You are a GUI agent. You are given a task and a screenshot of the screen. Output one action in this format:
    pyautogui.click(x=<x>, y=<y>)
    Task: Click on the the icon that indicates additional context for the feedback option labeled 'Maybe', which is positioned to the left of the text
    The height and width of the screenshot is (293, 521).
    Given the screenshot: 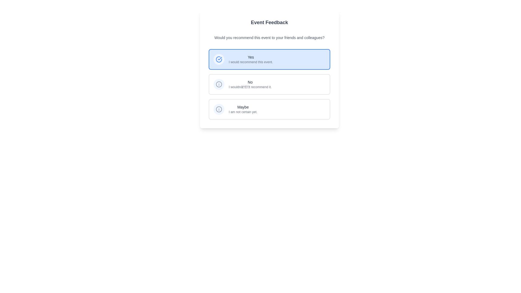 What is the action you would take?
    pyautogui.click(x=219, y=109)
    